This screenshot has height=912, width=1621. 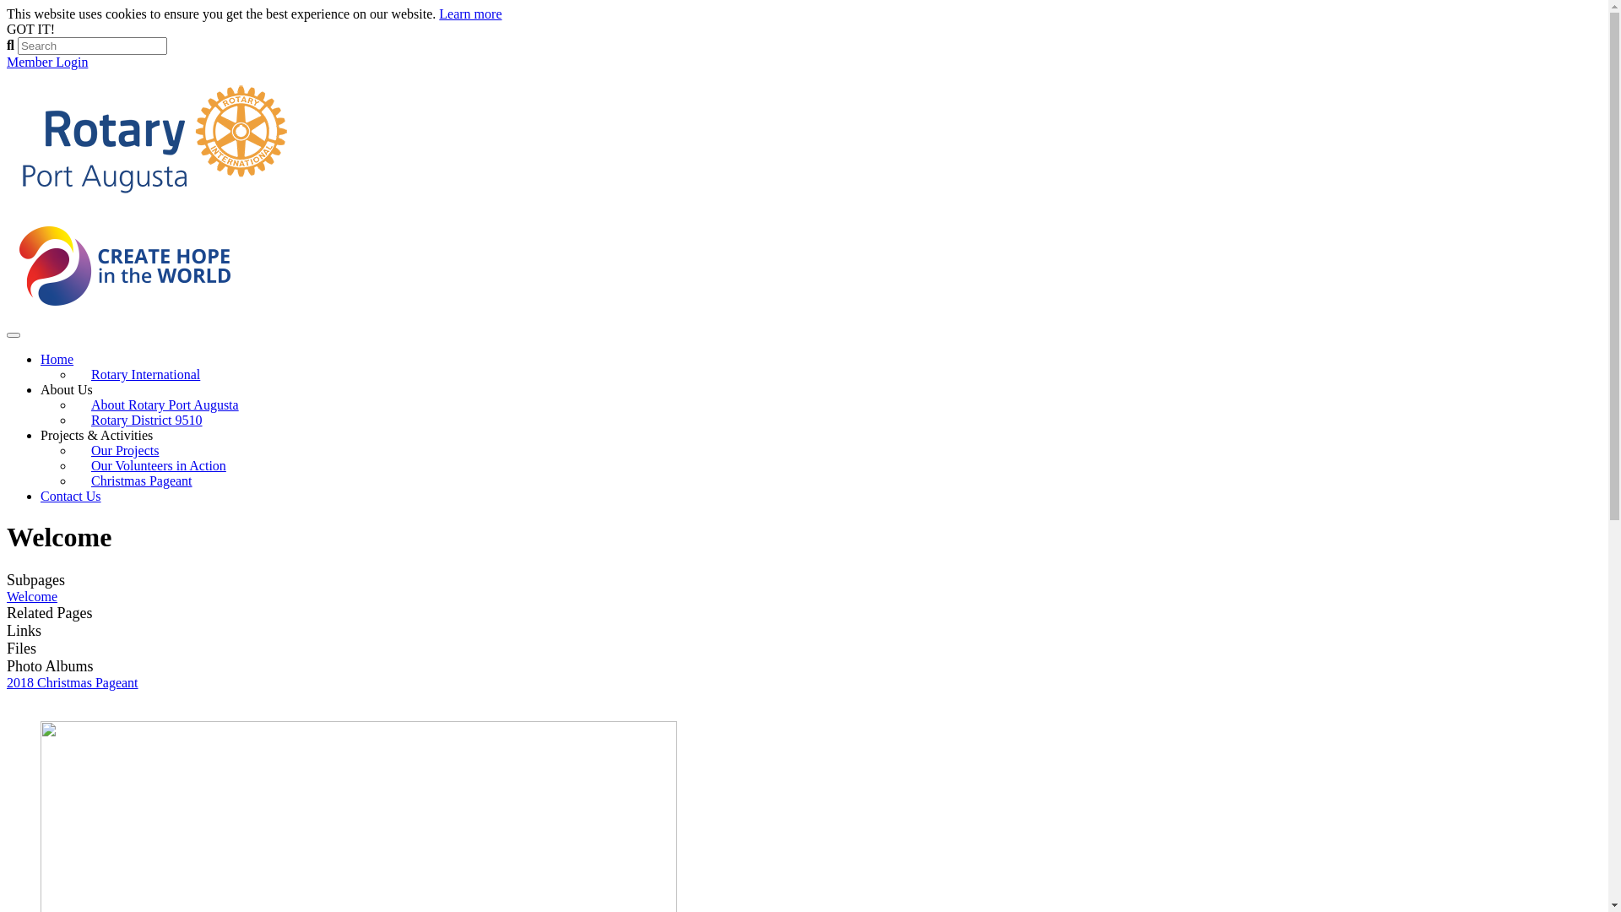 What do you see at coordinates (95, 434) in the screenshot?
I see `'Projects & Activities'` at bounding box center [95, 434].